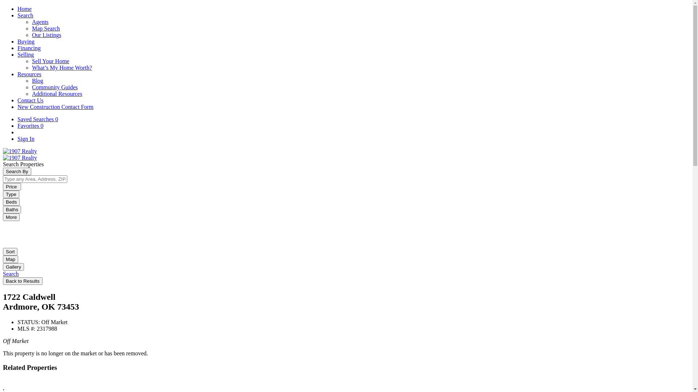 The width and height of the screenshot is (698, 392). Describe the element at coordinates (31, 93) in the screenshot. I see `'Additional Resources'` at that location.